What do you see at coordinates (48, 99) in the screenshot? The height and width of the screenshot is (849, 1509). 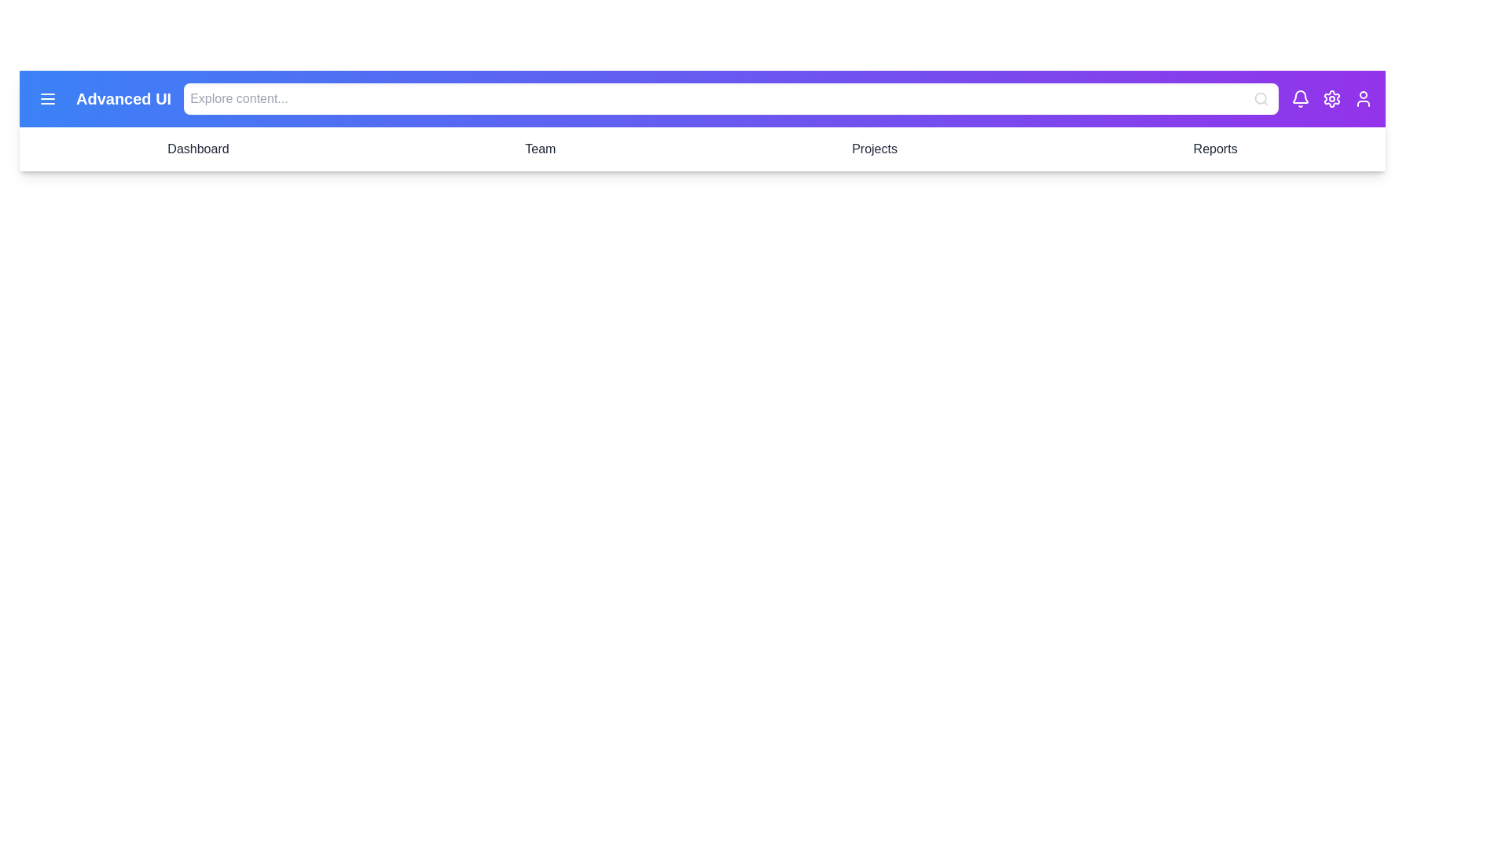 I see `the menu icon in the top-left corner to toggle the side menu visibility` at bounding box center [48, 99].